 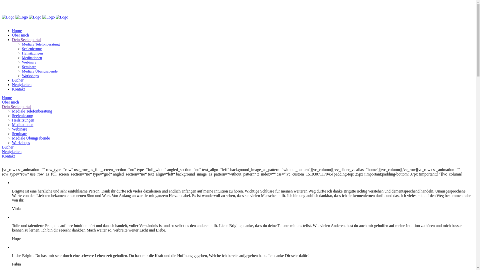 What do you see at coordinates (41, 44) in the screenshot?
I see `'Mediale Telefonberatung'` at bounding box center [41, 44].